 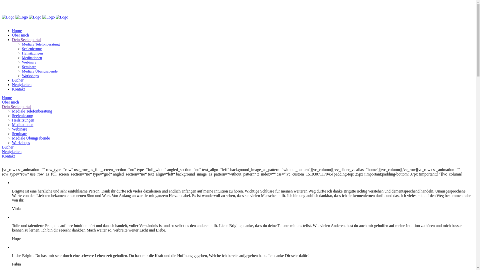 What do you see at coordinates (41, 44) in the screenshot?
I see `'Mediale Telefonberatung'` at bounding box center [41, 44].